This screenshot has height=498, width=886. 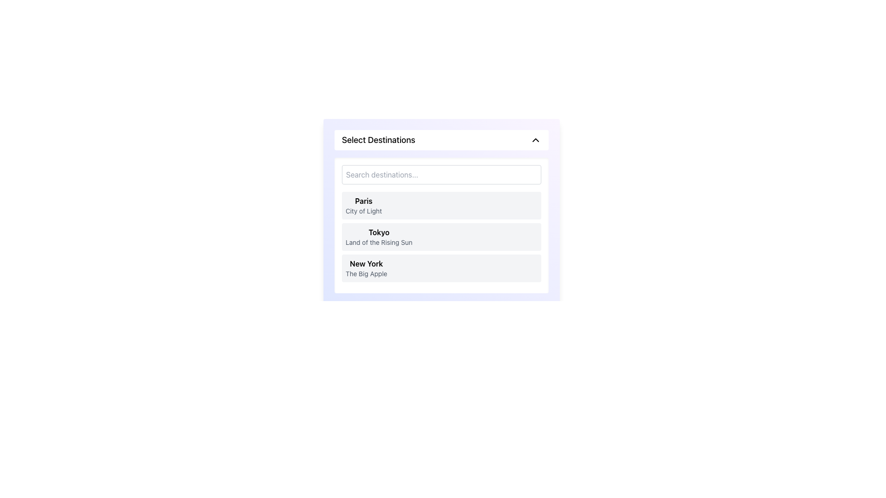 What do you see at coordinates (378, 140) in the screenshot?
I see `the text label that serves as a heading for the dropdown menu, located in the upper left corner of the menu, to the left of the arrow icon` at bounding box center [378, 140].